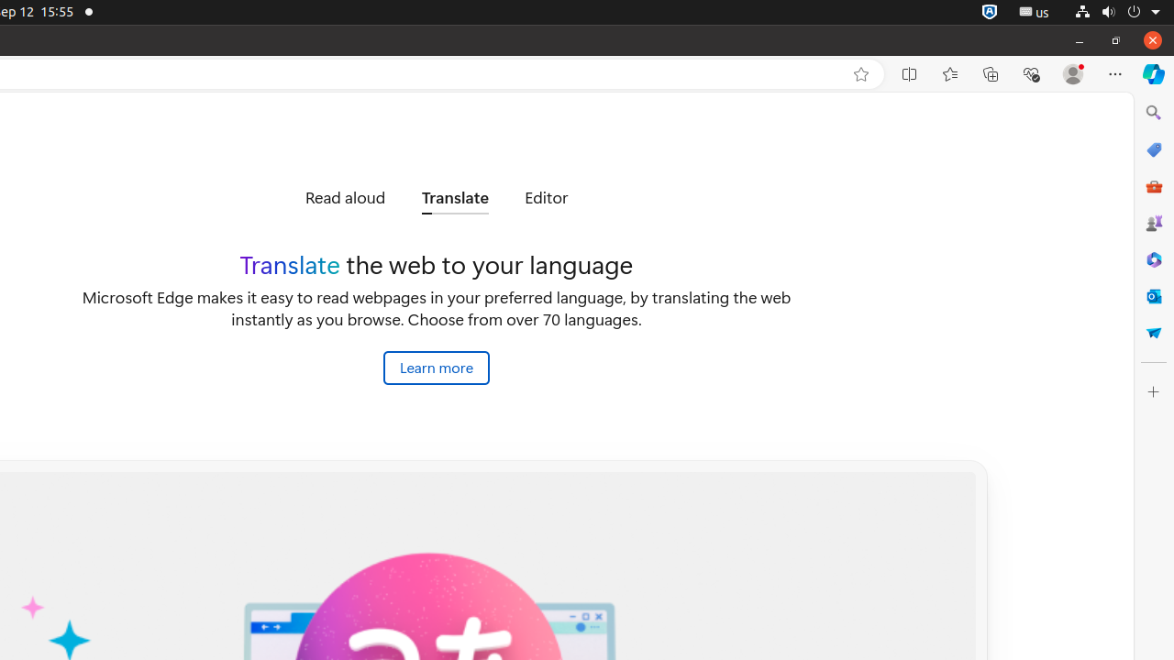 The width and height of the screenshot is (1174, 660). What do you see at coordinates (1152, 390) in the screenshot?
I see `'Customize'` at bounding box center [1152, 390].